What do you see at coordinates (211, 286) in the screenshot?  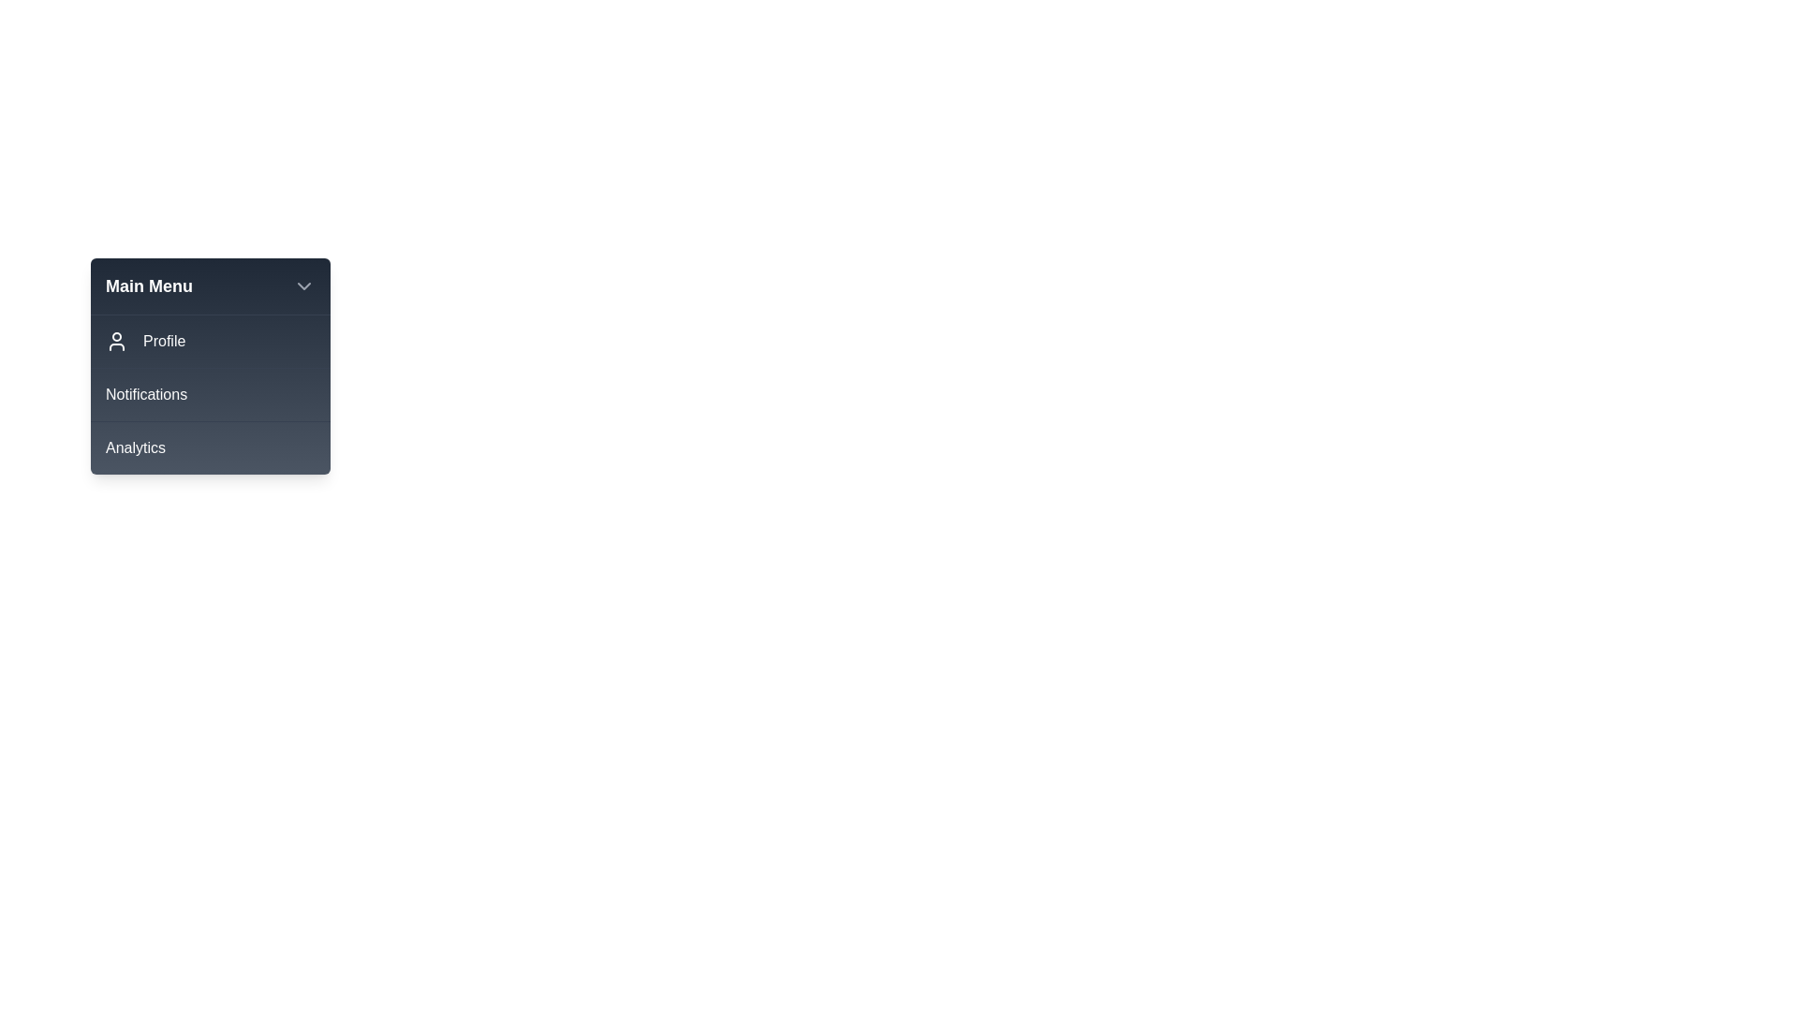 I see `the menu header to toggle the menu visibility` at bounding box center [211, 286].